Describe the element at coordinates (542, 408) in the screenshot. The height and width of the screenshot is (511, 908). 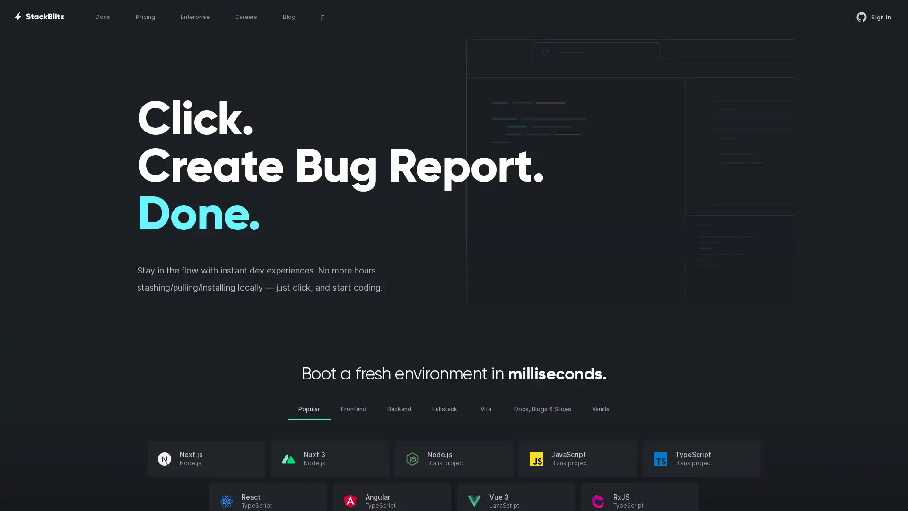
I see `Docs, Blogs & Slides` at that location.